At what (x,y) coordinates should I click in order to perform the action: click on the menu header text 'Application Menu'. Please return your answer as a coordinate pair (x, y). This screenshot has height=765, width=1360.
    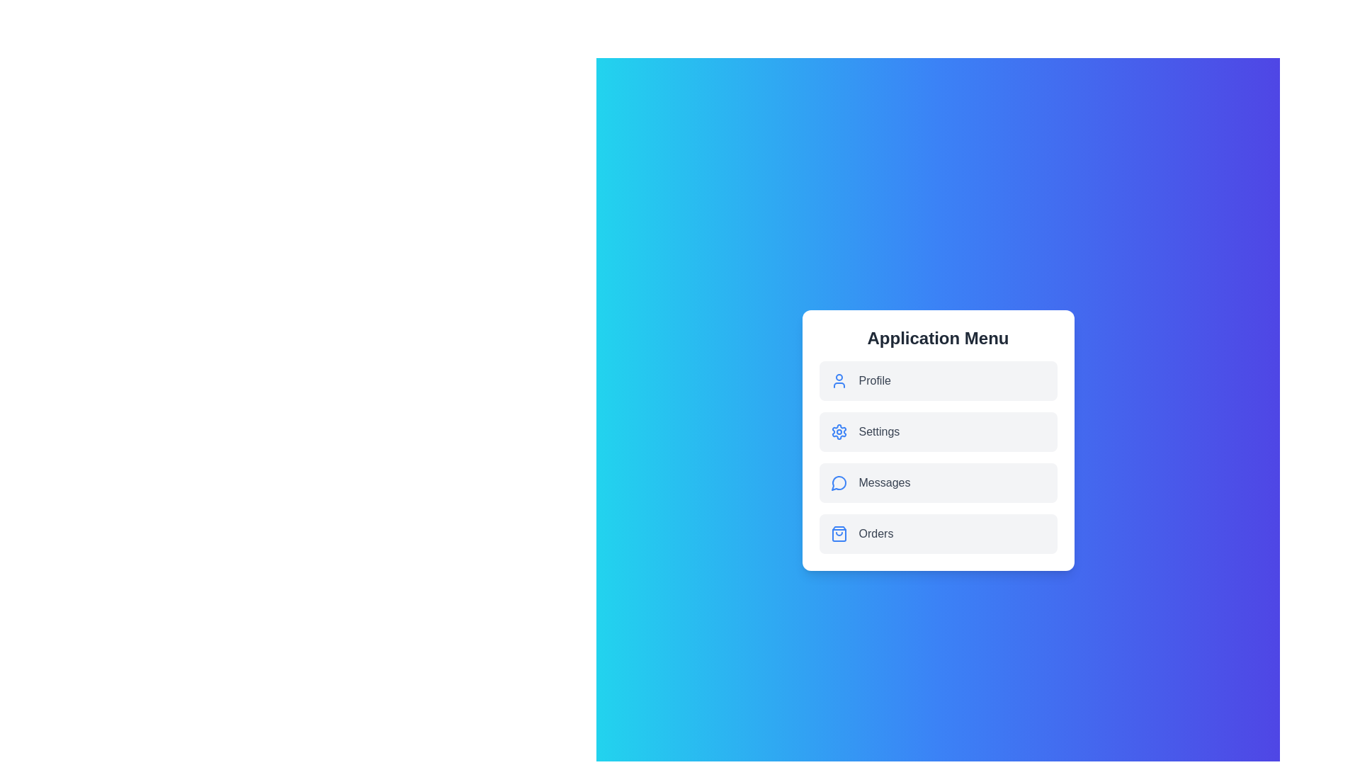
    Looking at the image, I should click on (938, 339).